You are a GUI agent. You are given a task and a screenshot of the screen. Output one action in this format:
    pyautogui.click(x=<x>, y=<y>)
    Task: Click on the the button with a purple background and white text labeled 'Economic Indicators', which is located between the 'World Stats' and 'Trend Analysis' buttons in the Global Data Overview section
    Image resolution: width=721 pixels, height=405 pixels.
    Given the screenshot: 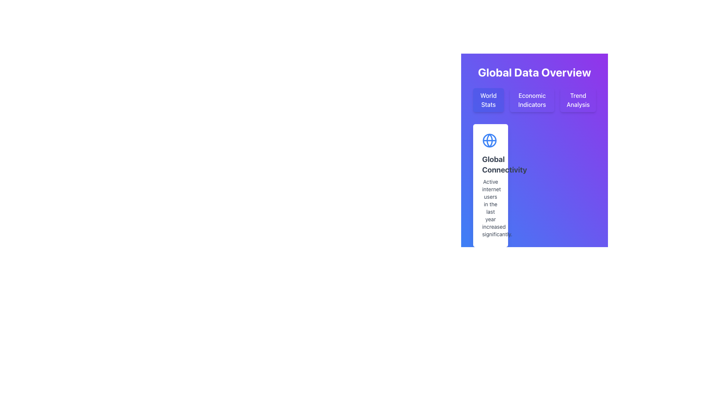 What is the action you would take?
    pyautogui.click(x=531, y=99)
    